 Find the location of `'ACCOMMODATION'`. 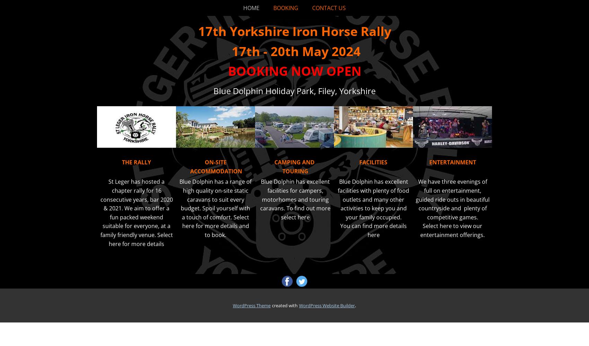

'ACCOMMODATION' is located at coordinates (188, 171).